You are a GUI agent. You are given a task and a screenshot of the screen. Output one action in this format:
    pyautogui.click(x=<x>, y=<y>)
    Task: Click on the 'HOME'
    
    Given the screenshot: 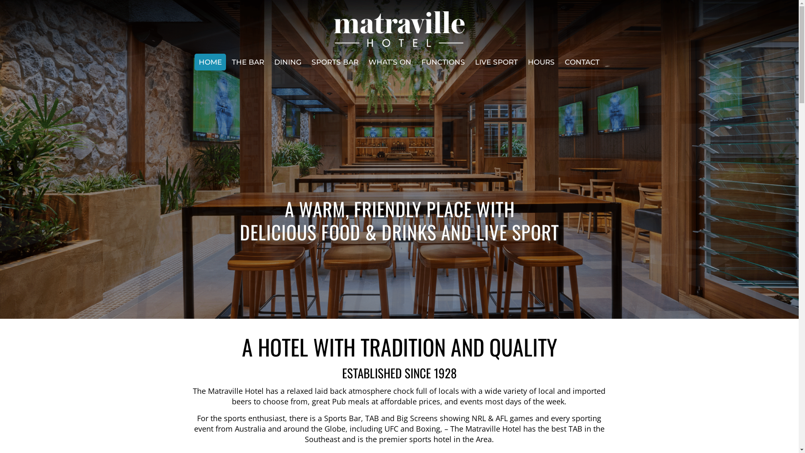 What is the action you would take?
    pyautogui.click(x=210, y=61)
    